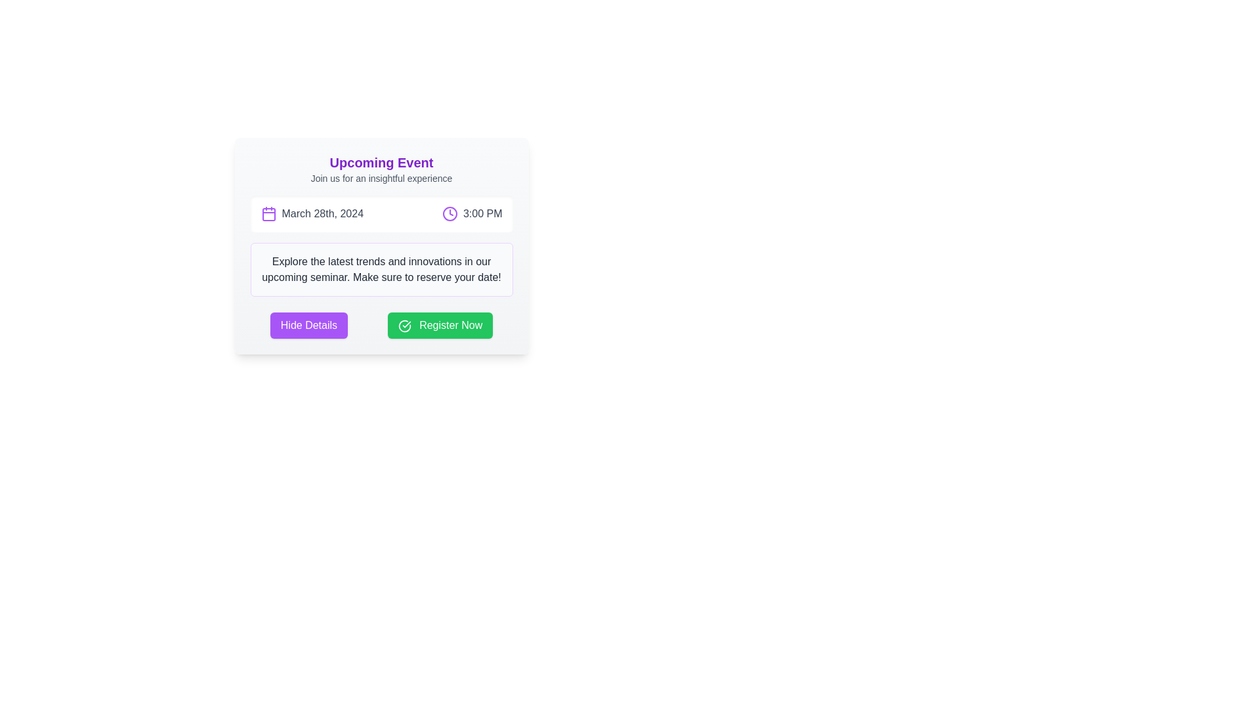 This screenshot has height=709, width=1260. I want to click on the event registration button located at the bottom-right of the event details box, so click(440, 325).